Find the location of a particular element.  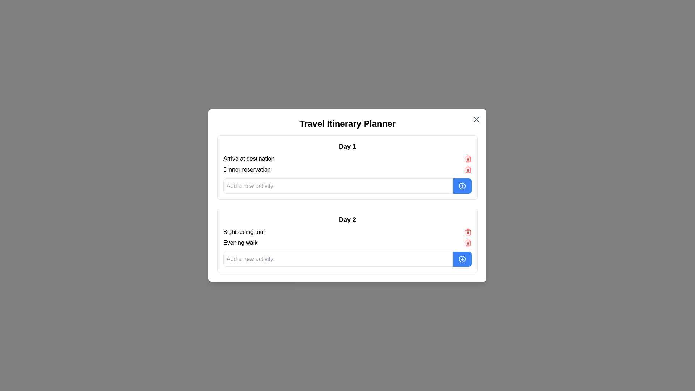

the red trash bin icon button located to the right of the text 'Arrive at destination' in the travel itinerary planner interface is located at coordinates (468, 159).